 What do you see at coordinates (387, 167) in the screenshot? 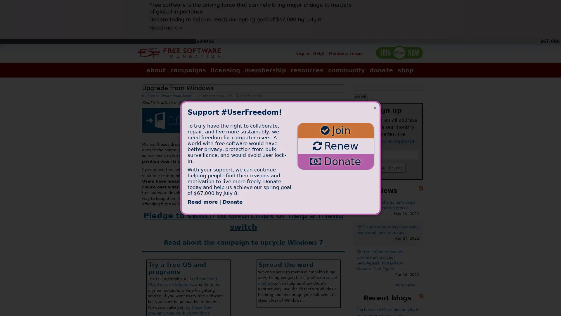
I see `Subscribe me` at bounding box center [387, 167].